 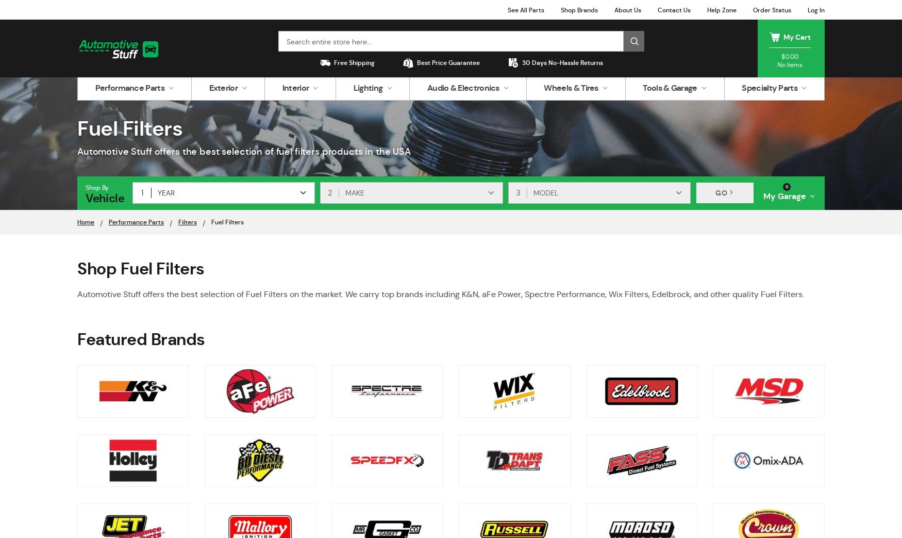 What do you see at coordinates (416, 63) in the screenshot?
I see `'Best Price Guarantee'` at bounding box center [416, 63].